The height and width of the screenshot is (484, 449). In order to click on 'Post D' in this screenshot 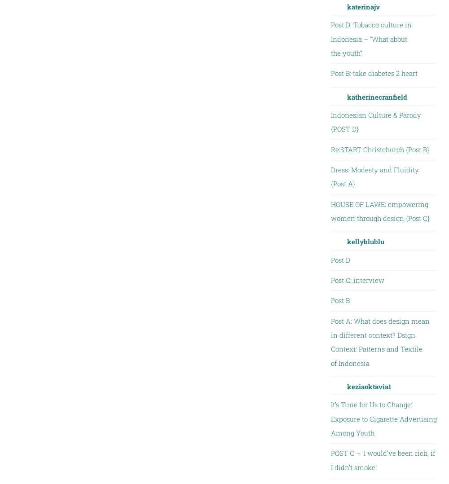, I will do `click(340, 260)`.